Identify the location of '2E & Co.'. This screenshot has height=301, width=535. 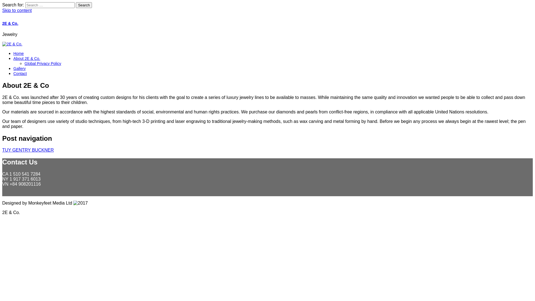
(2, 23).